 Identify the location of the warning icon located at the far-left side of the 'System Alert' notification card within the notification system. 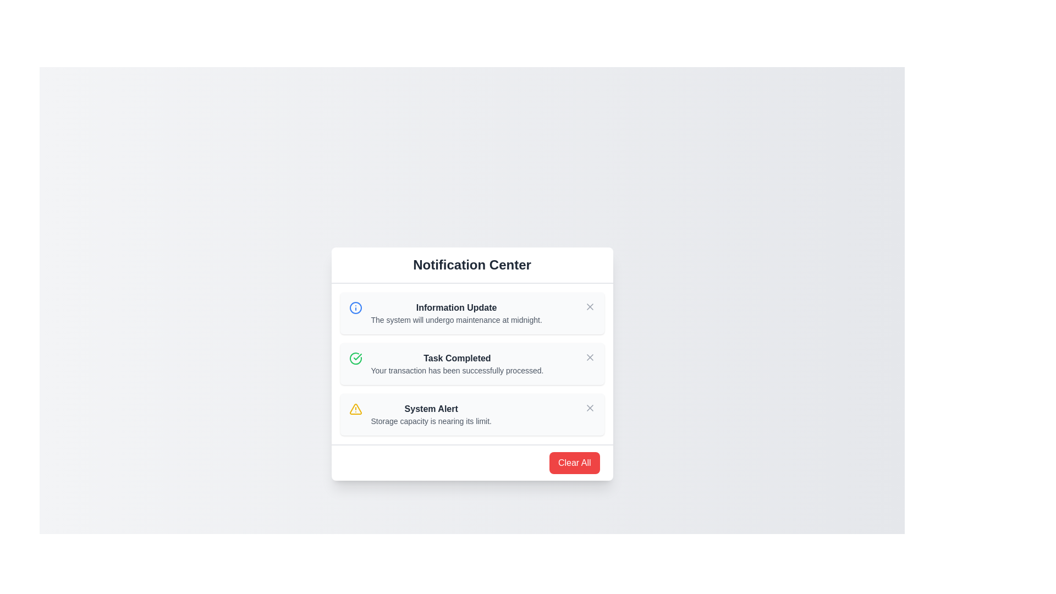
(355, 409).